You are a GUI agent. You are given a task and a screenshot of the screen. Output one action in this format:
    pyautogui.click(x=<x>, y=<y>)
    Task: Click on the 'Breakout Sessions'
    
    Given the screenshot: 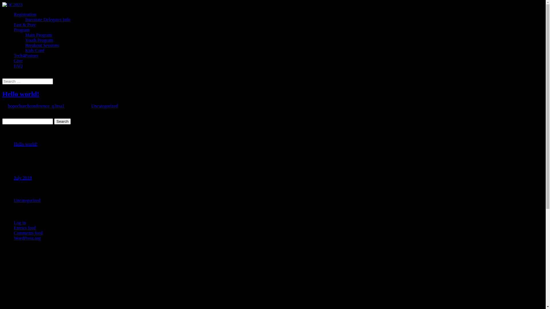 What is the action you would take?
    pyautogui.click(x=42, y=45)
    